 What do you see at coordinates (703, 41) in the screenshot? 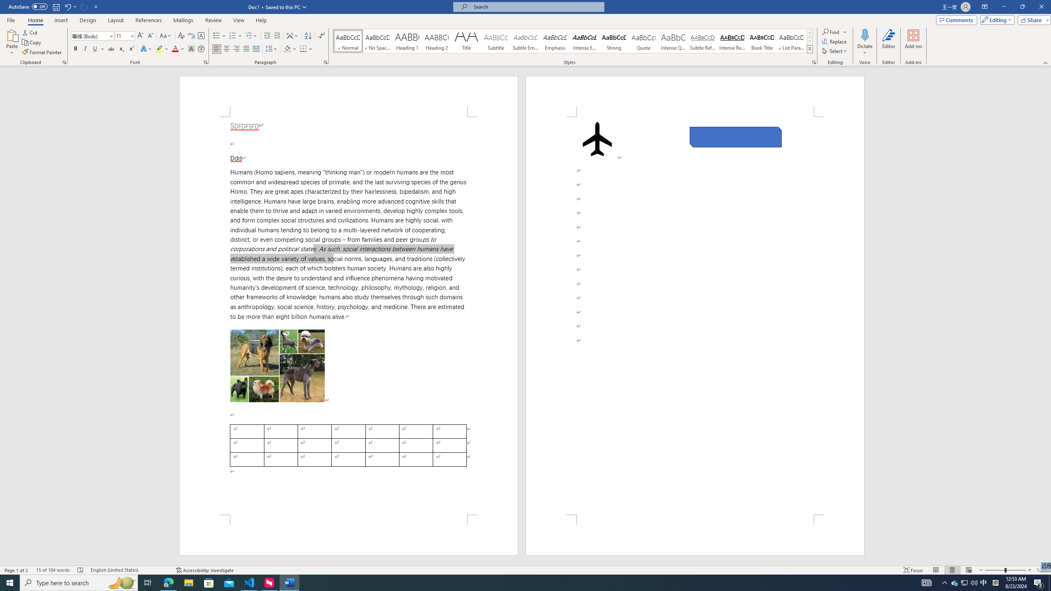
I see `'Subtle Reference'` at bounding box center [703, 41].